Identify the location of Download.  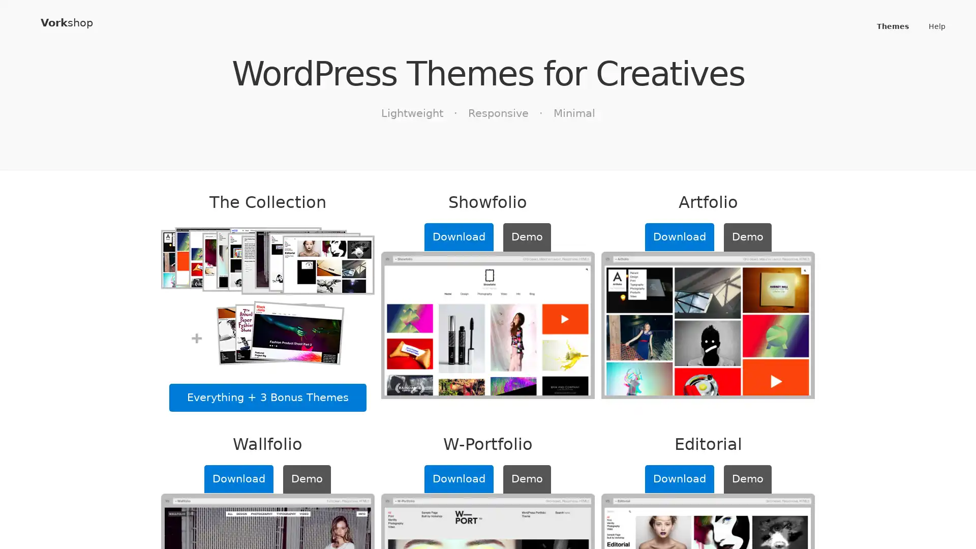
(679, 478).